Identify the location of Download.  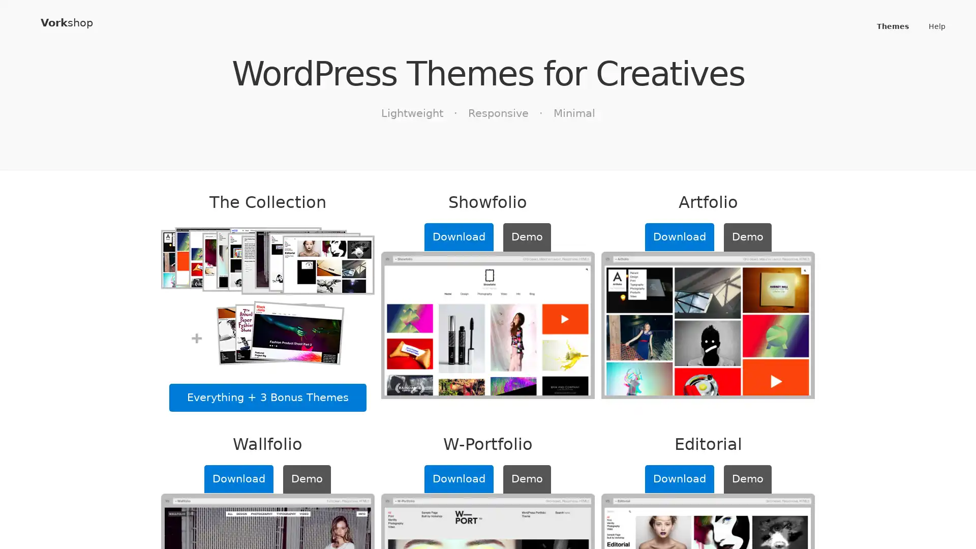
(679, 478).